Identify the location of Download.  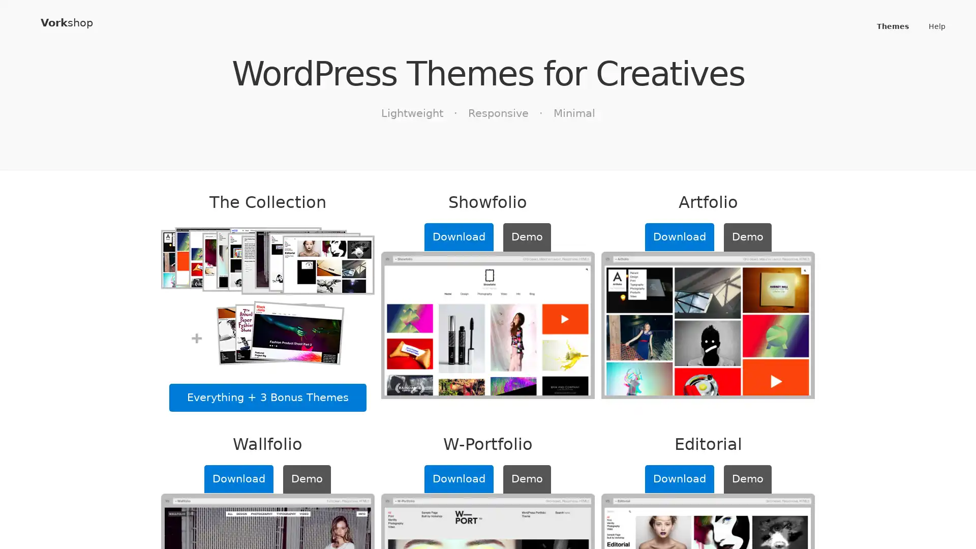
(679, 478).